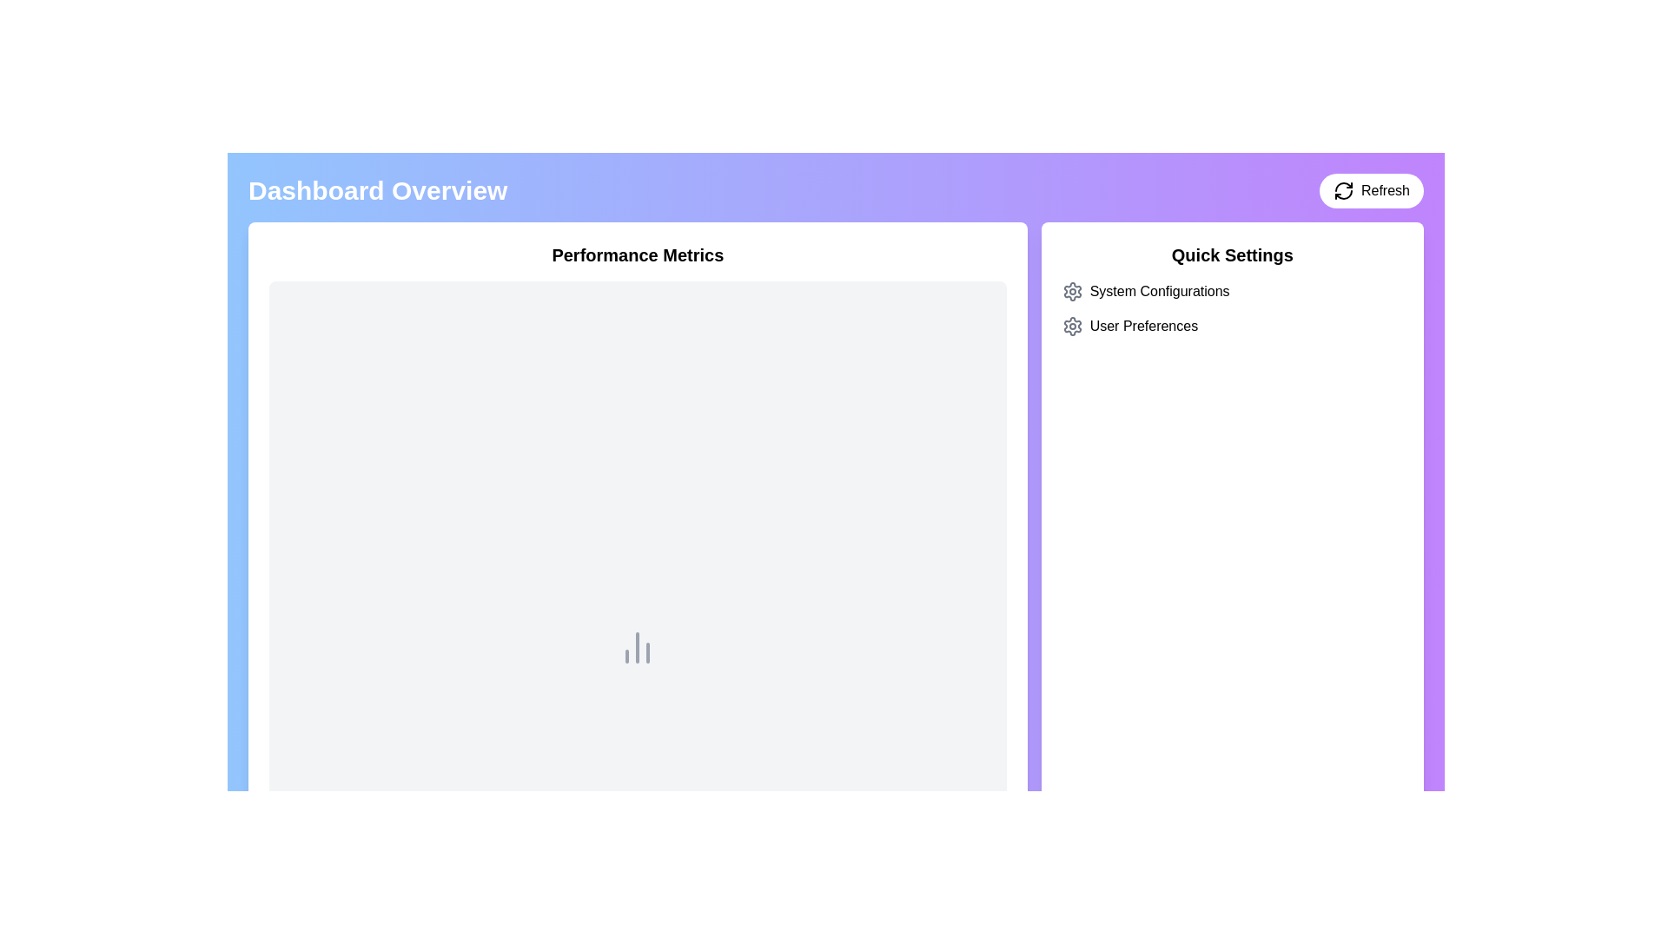  Describe the element at coordinates (1071, 326) in the screenshot. I see `the gear icon in the 'Quick Settings' group, located before the 'User Preferences' text` at that location.